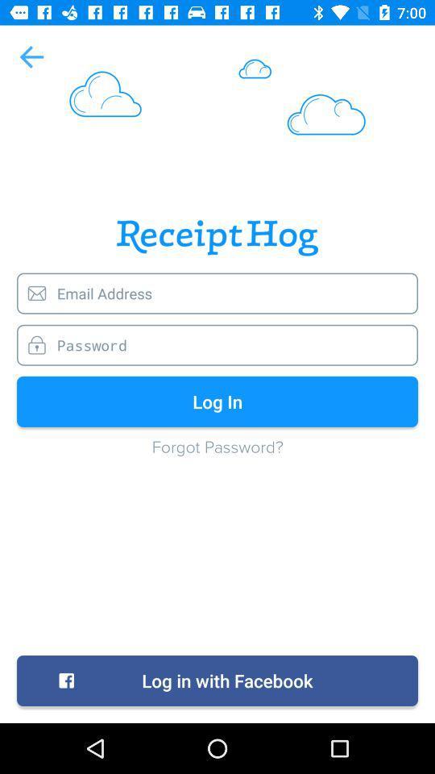 The image size is (435, 774). What do you see at coordinates (217, 454) in the screenshot?
I see `icon above the log in with` at bounding box center [217, 454].